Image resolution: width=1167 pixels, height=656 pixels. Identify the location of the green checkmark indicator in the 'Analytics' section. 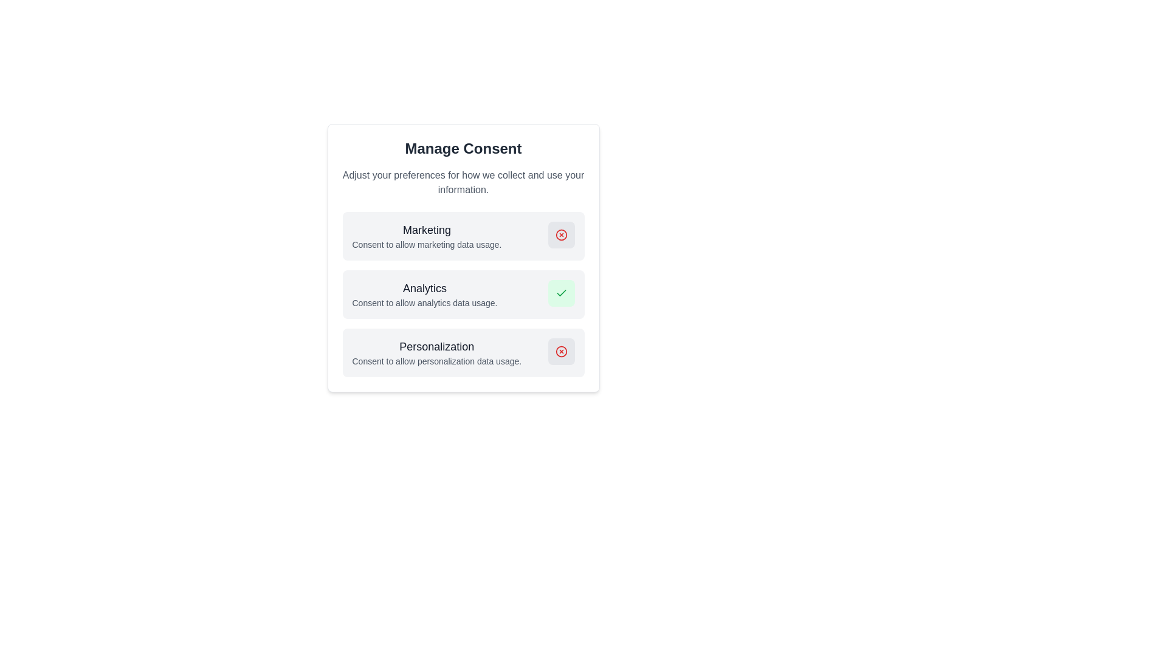
(560, 293).